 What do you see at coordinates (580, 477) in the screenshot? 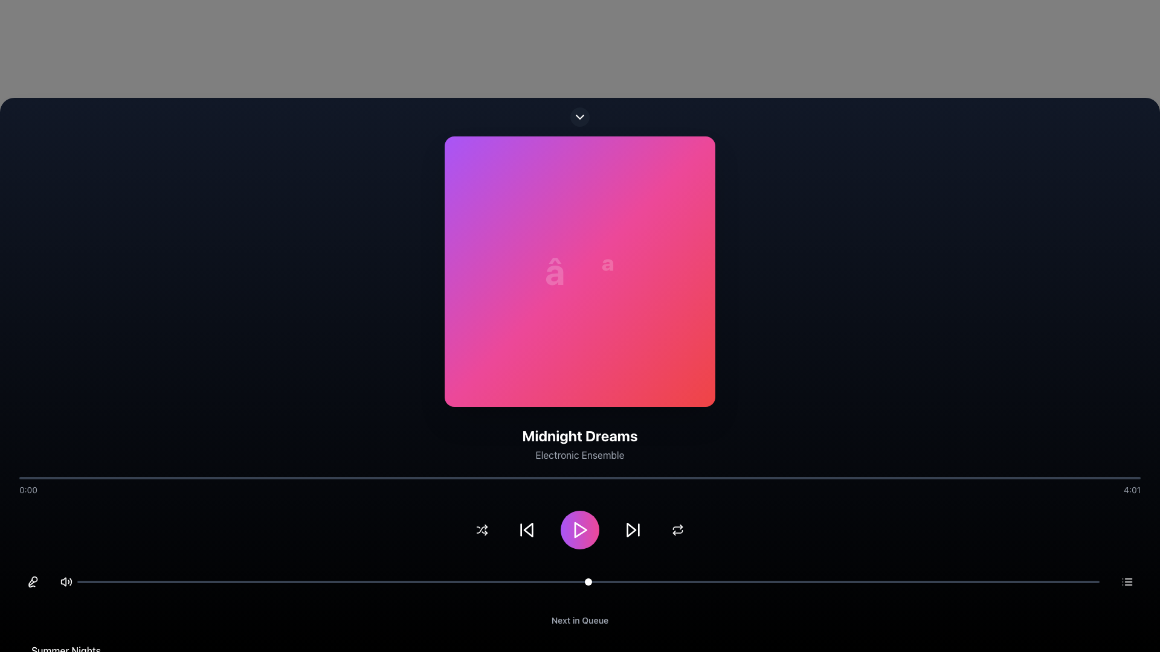
I see `the progress bar located just below the song title and artist information to seek to a specific point in the media timeline` at bounding box center [580, 477].